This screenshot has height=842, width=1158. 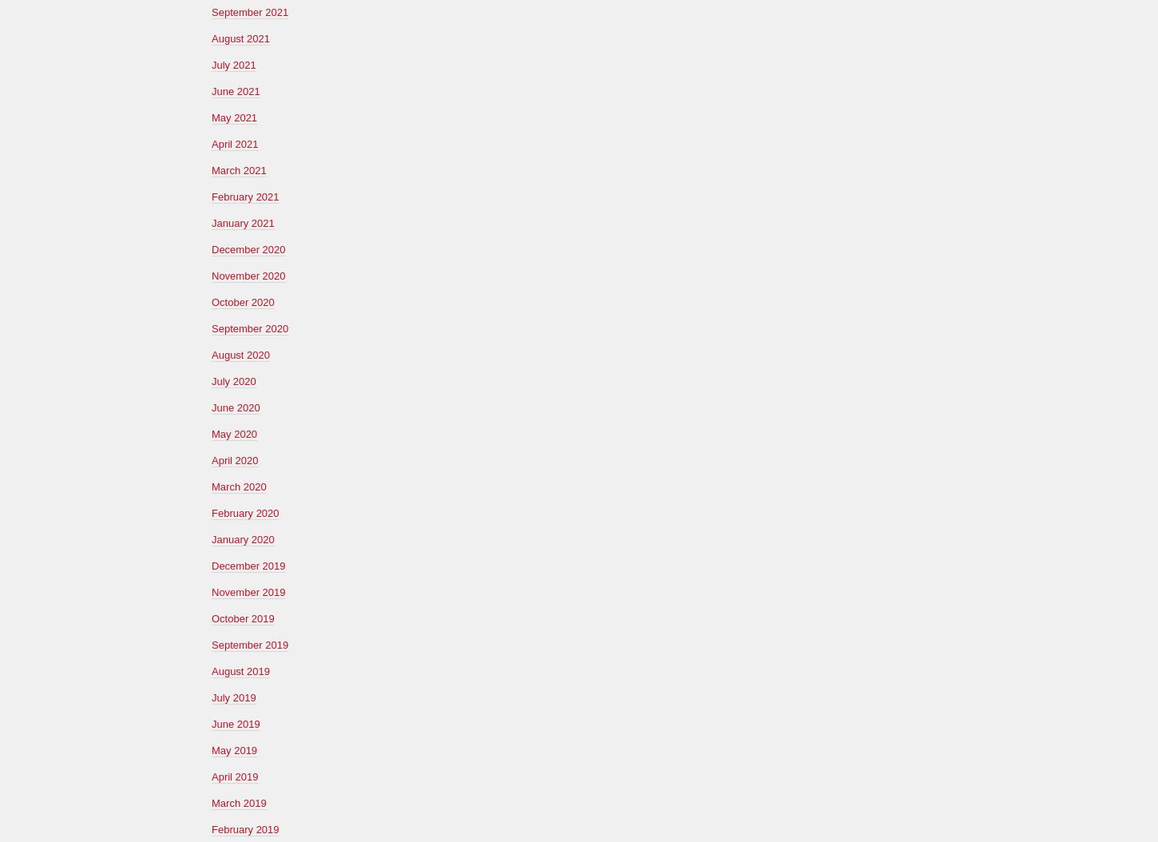 What do you see at coordinates (250, 643) in the screenshot?
I see `'September 2019'` at bounding box center [250, 643].